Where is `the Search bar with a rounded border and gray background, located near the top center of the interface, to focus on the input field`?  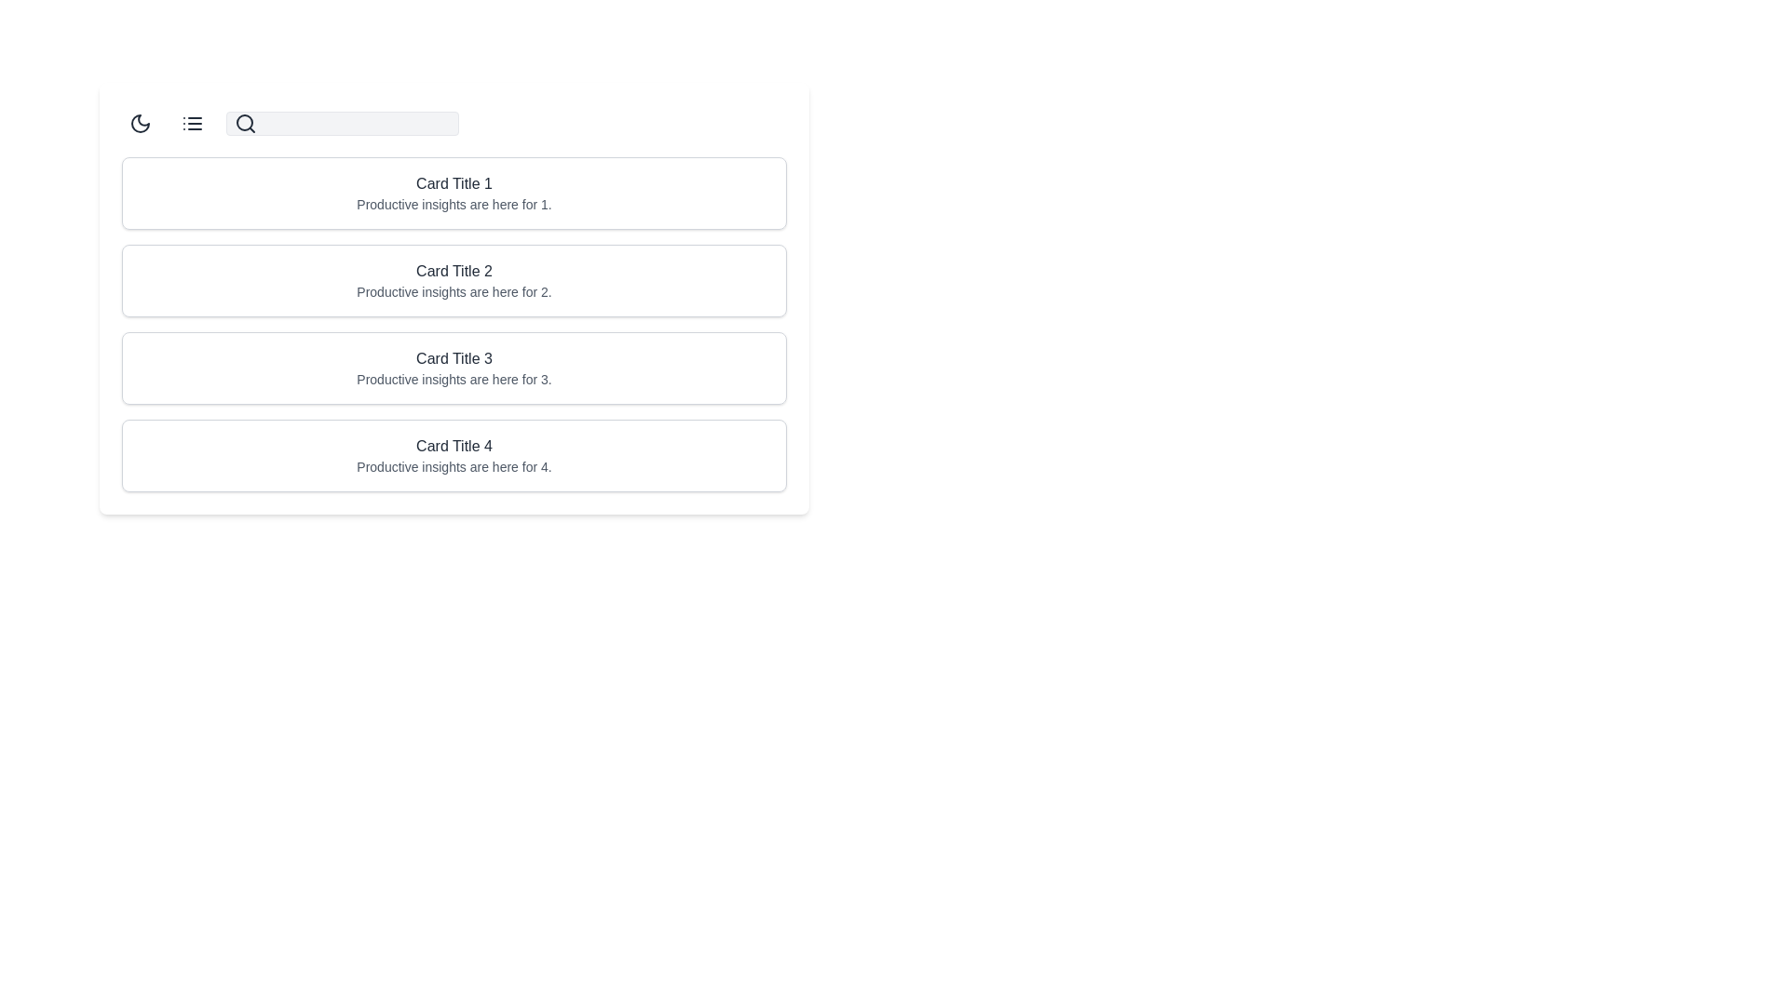 the Search bar with a rounded border and gray background, located near the top center of the interface, to focus on the input field is located at coordinates (343, 123).